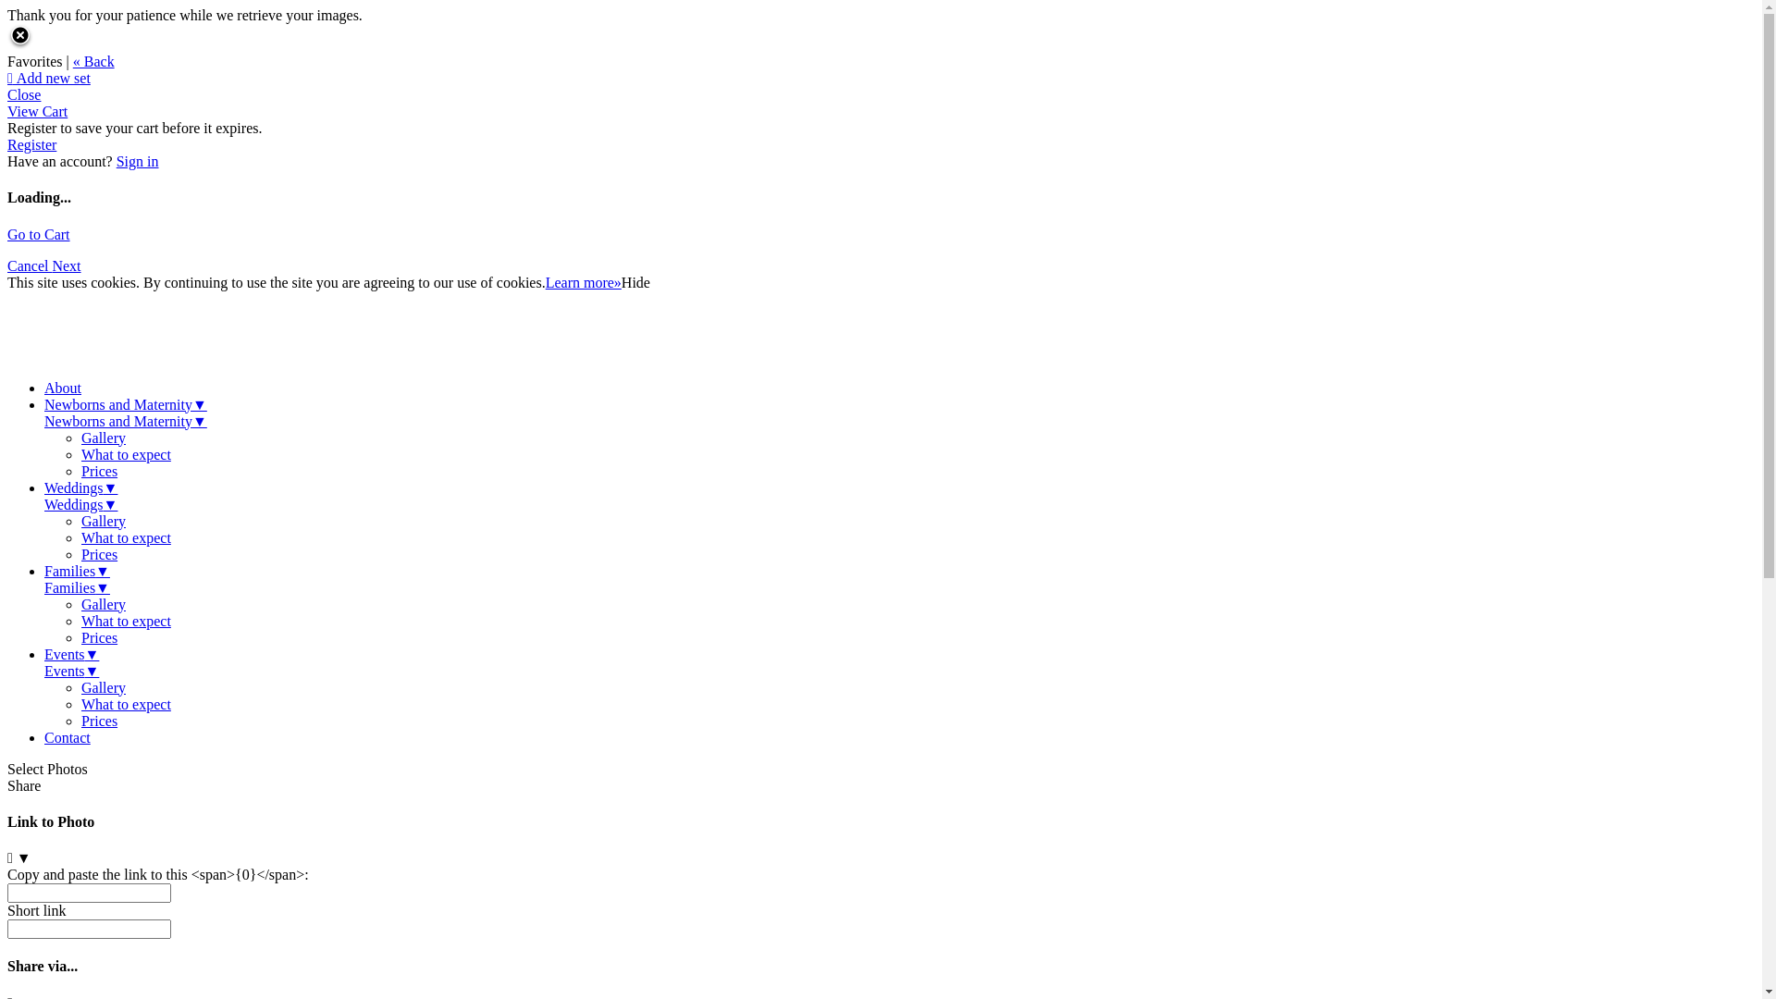 Image resolution: width=1776 pixels, height=999 pixels. I want to click on 'Go to Cart', so click(39, 233).